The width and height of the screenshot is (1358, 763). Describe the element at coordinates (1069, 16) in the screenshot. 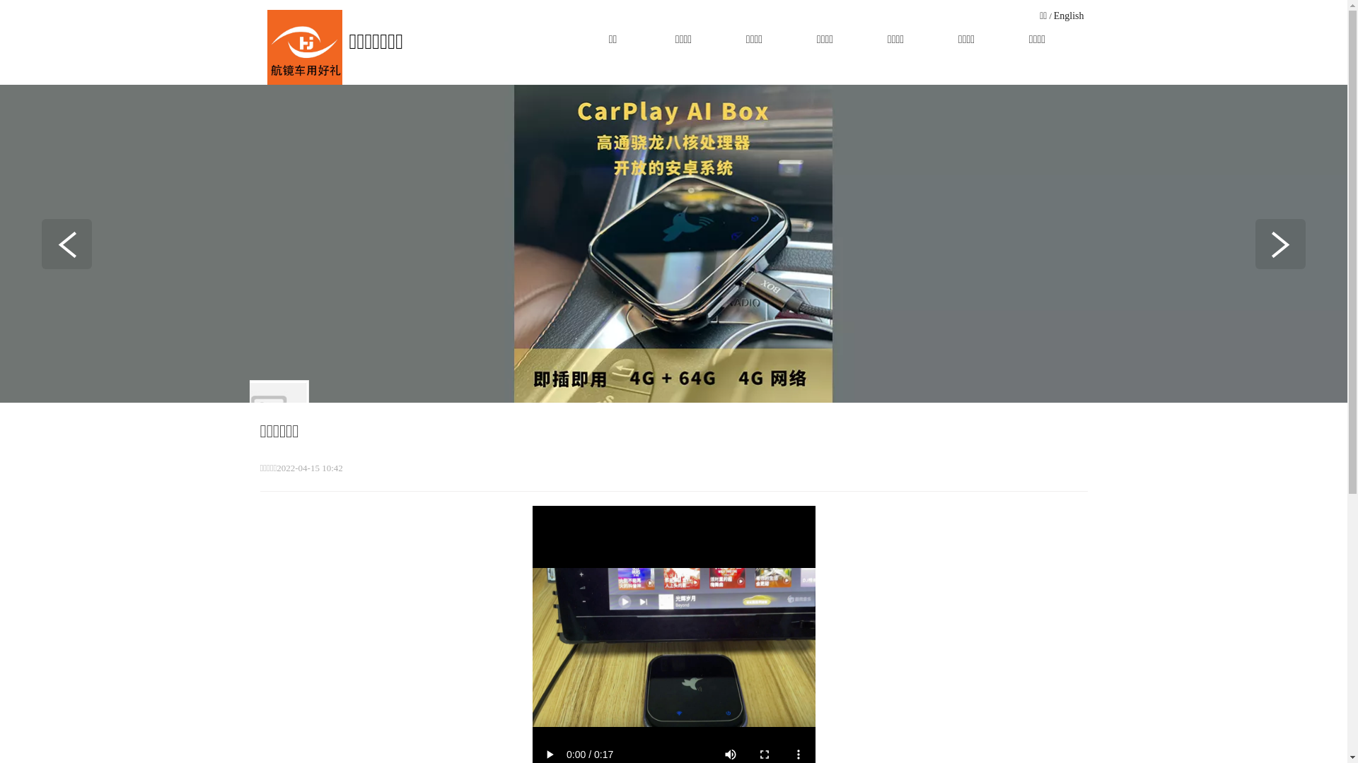

I see `'English'` at that location.